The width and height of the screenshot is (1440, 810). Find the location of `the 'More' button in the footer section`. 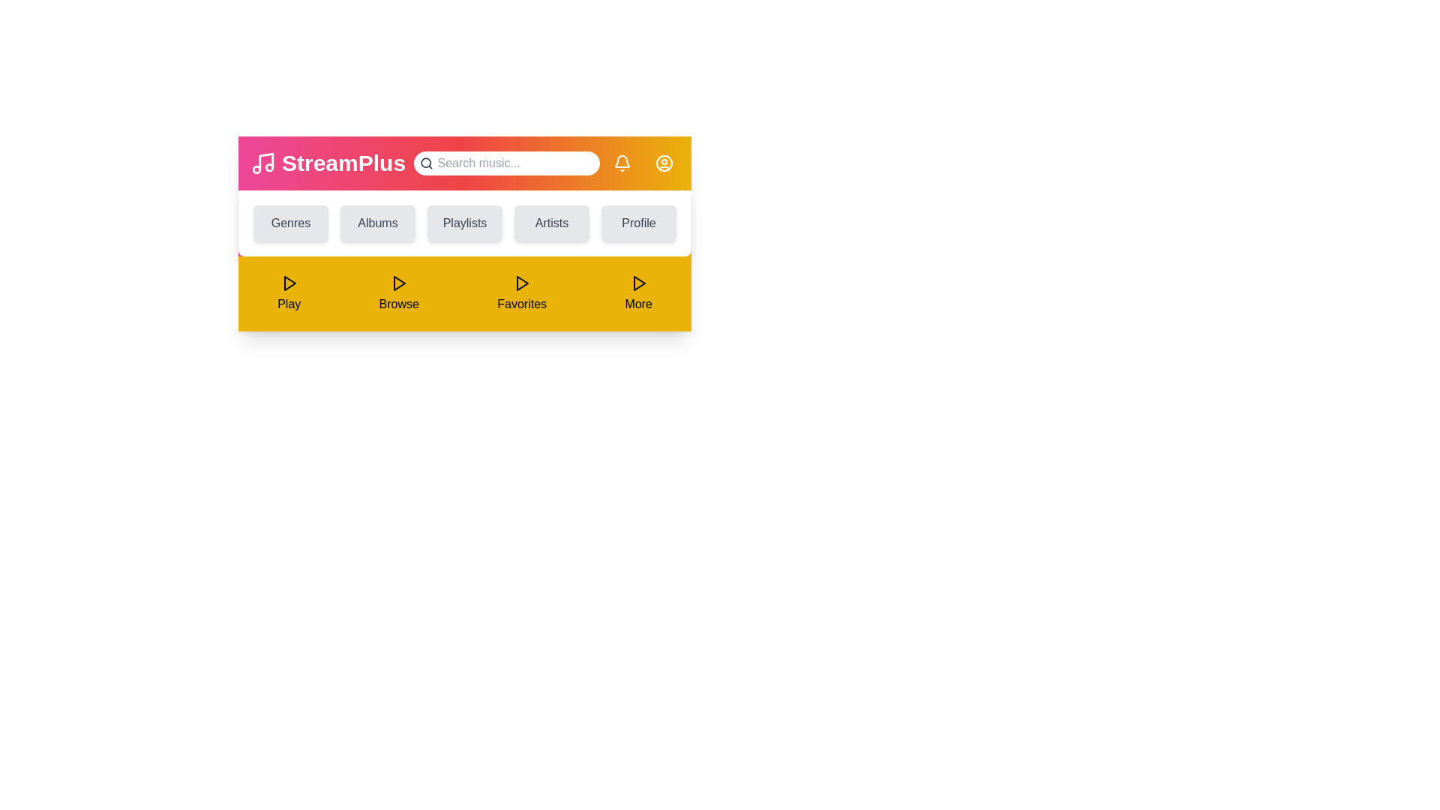

the 'More' button in the footer section is located at coordinates (638, 294).